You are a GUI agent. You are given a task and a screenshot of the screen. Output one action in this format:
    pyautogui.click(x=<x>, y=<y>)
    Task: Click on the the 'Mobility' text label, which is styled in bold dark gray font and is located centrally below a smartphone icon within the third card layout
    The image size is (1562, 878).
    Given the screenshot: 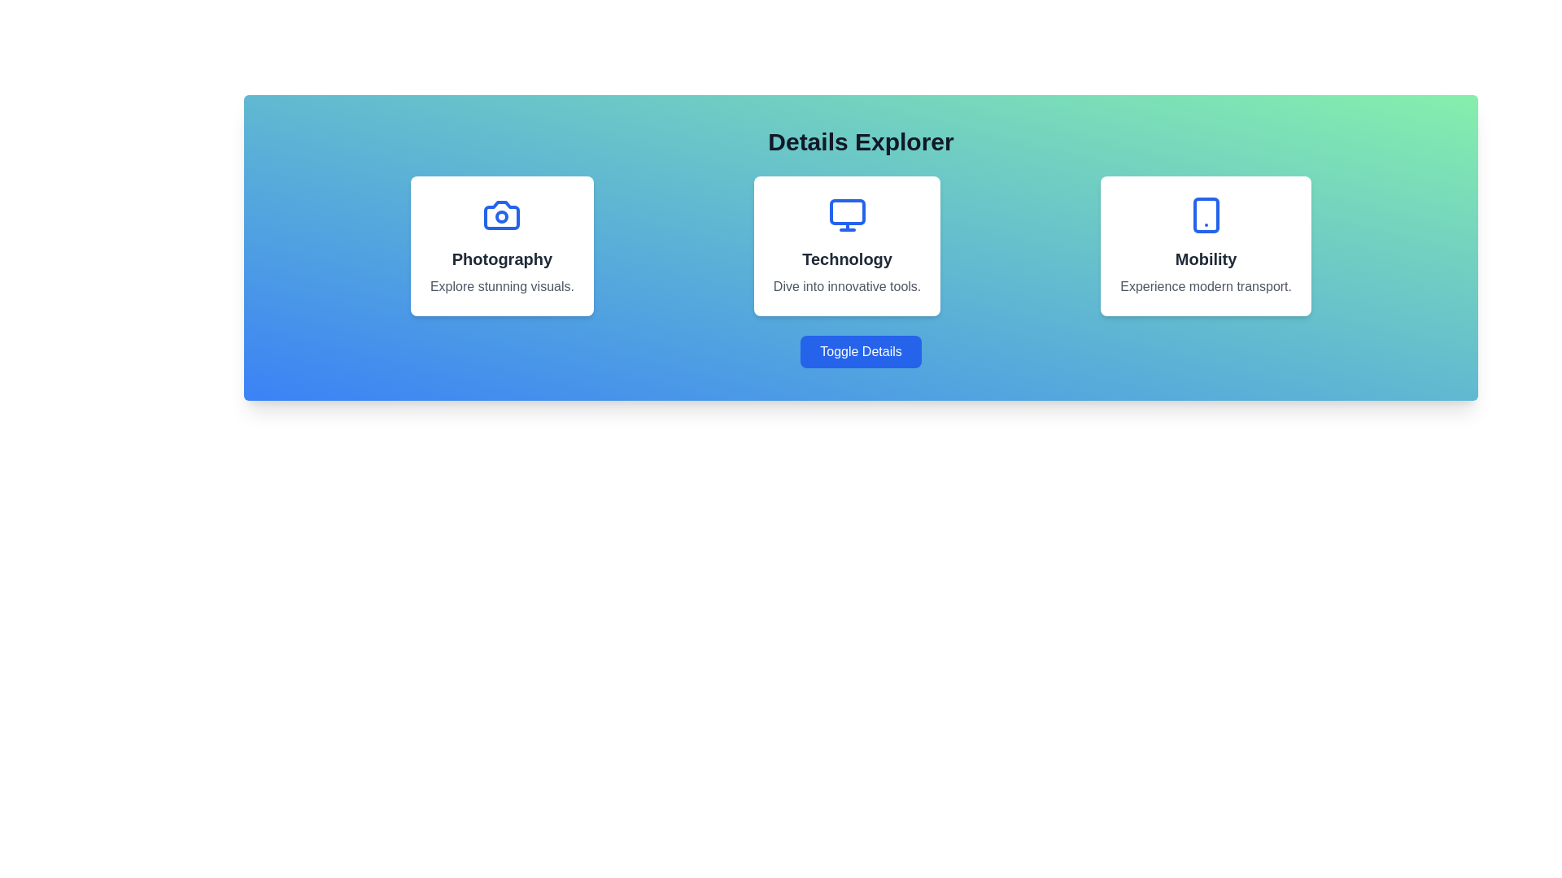 What is the action you would take?
    pyautogui.click(x=1206, y=259)
    